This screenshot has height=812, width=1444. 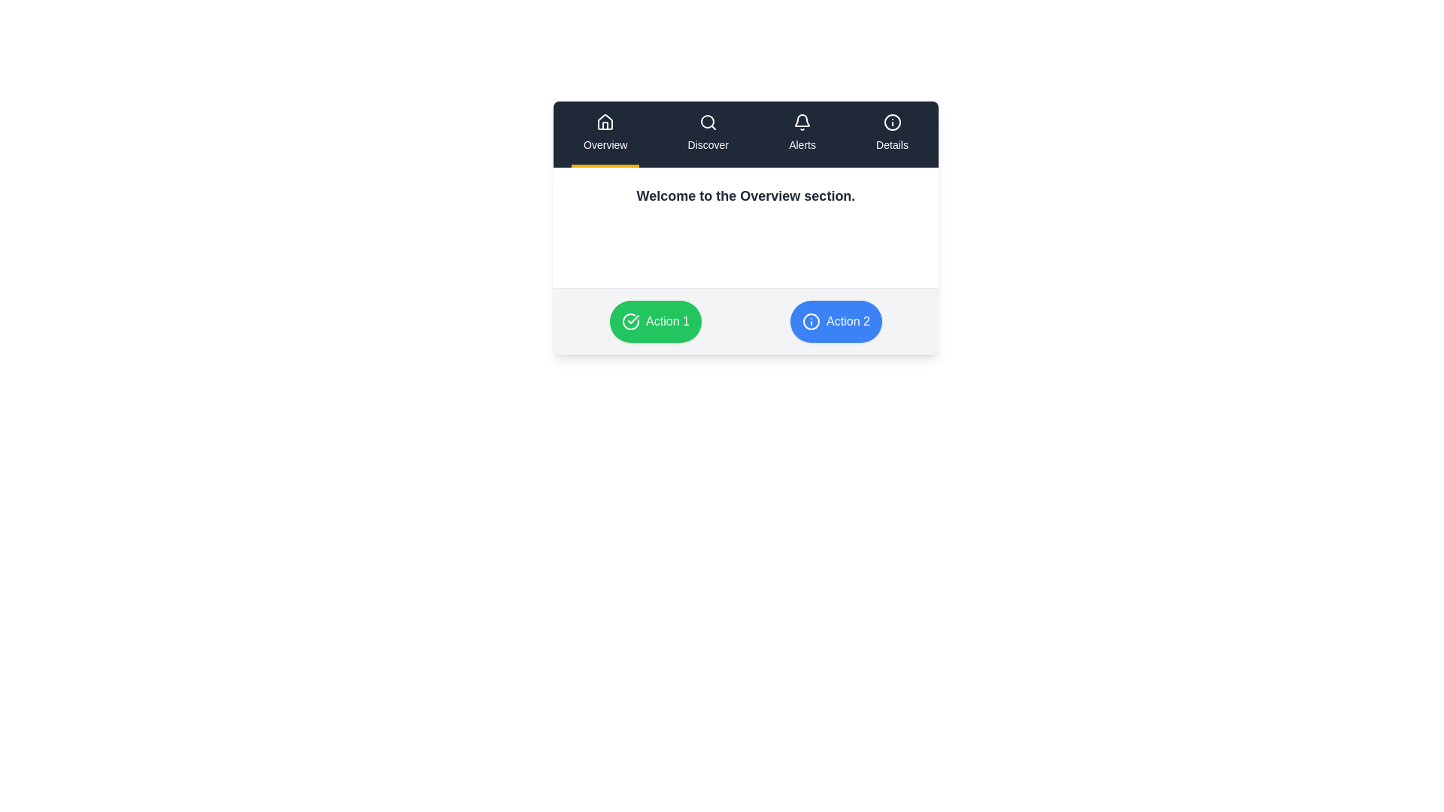 I want to click on the bell-shaped icon in the 'Alerts' navigation item, so click(x=802, y=121).